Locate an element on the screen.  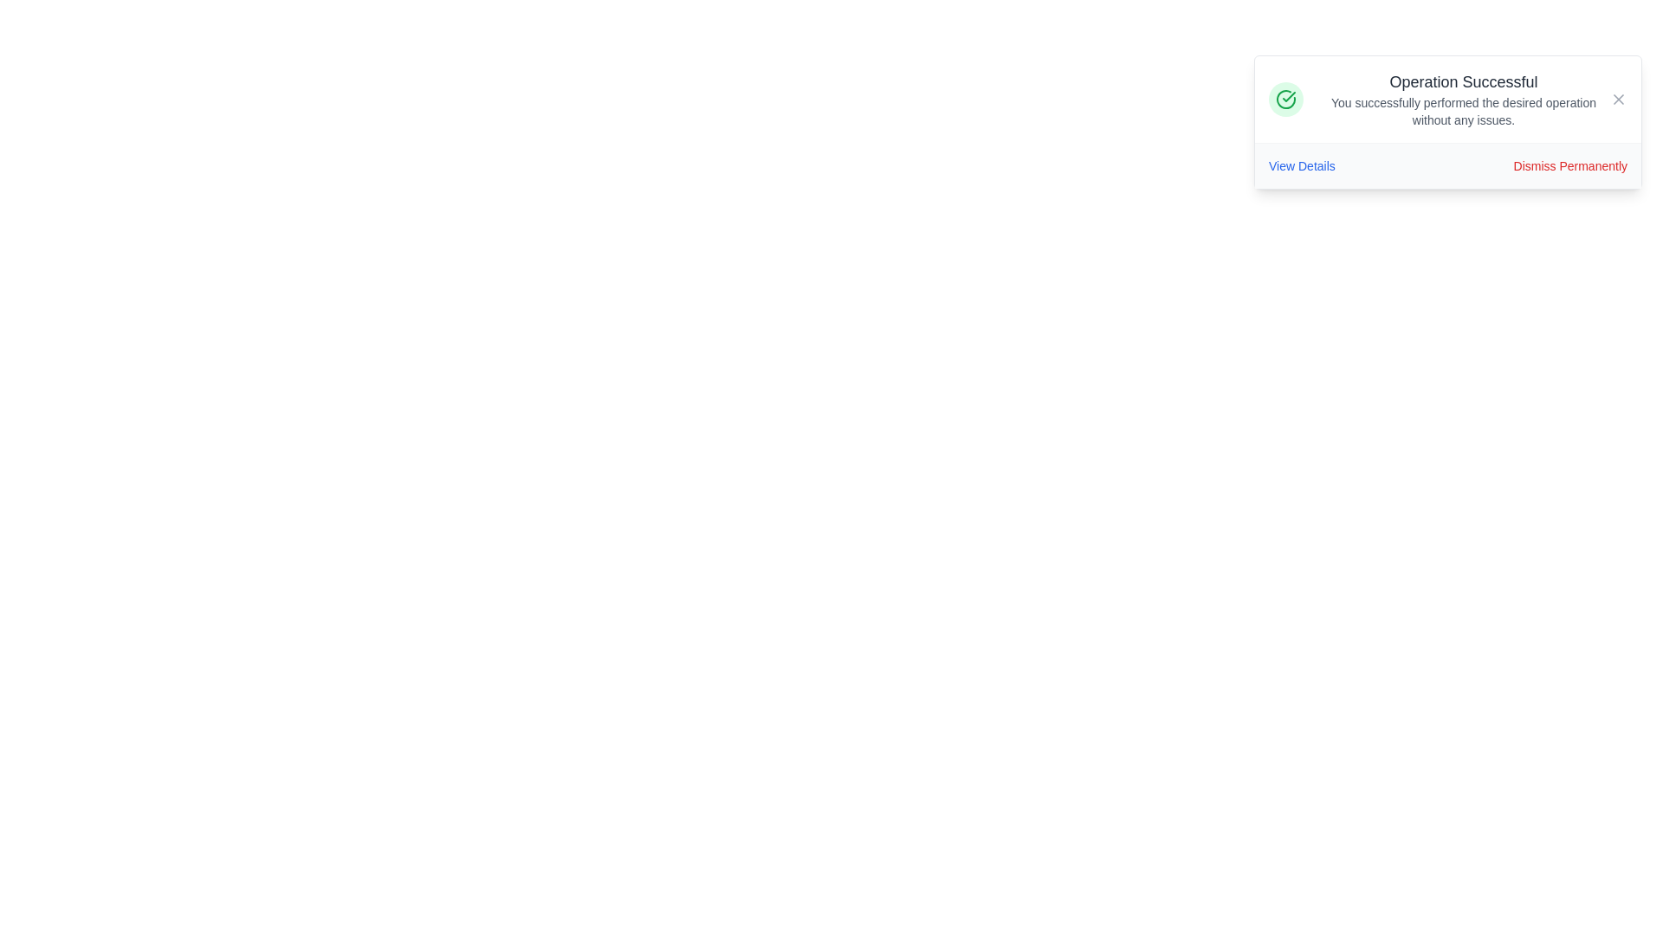
the small gray close button icon located on the far-right side of the notification panel to visualize any visual state changes is located at coordinates (1617, 100).